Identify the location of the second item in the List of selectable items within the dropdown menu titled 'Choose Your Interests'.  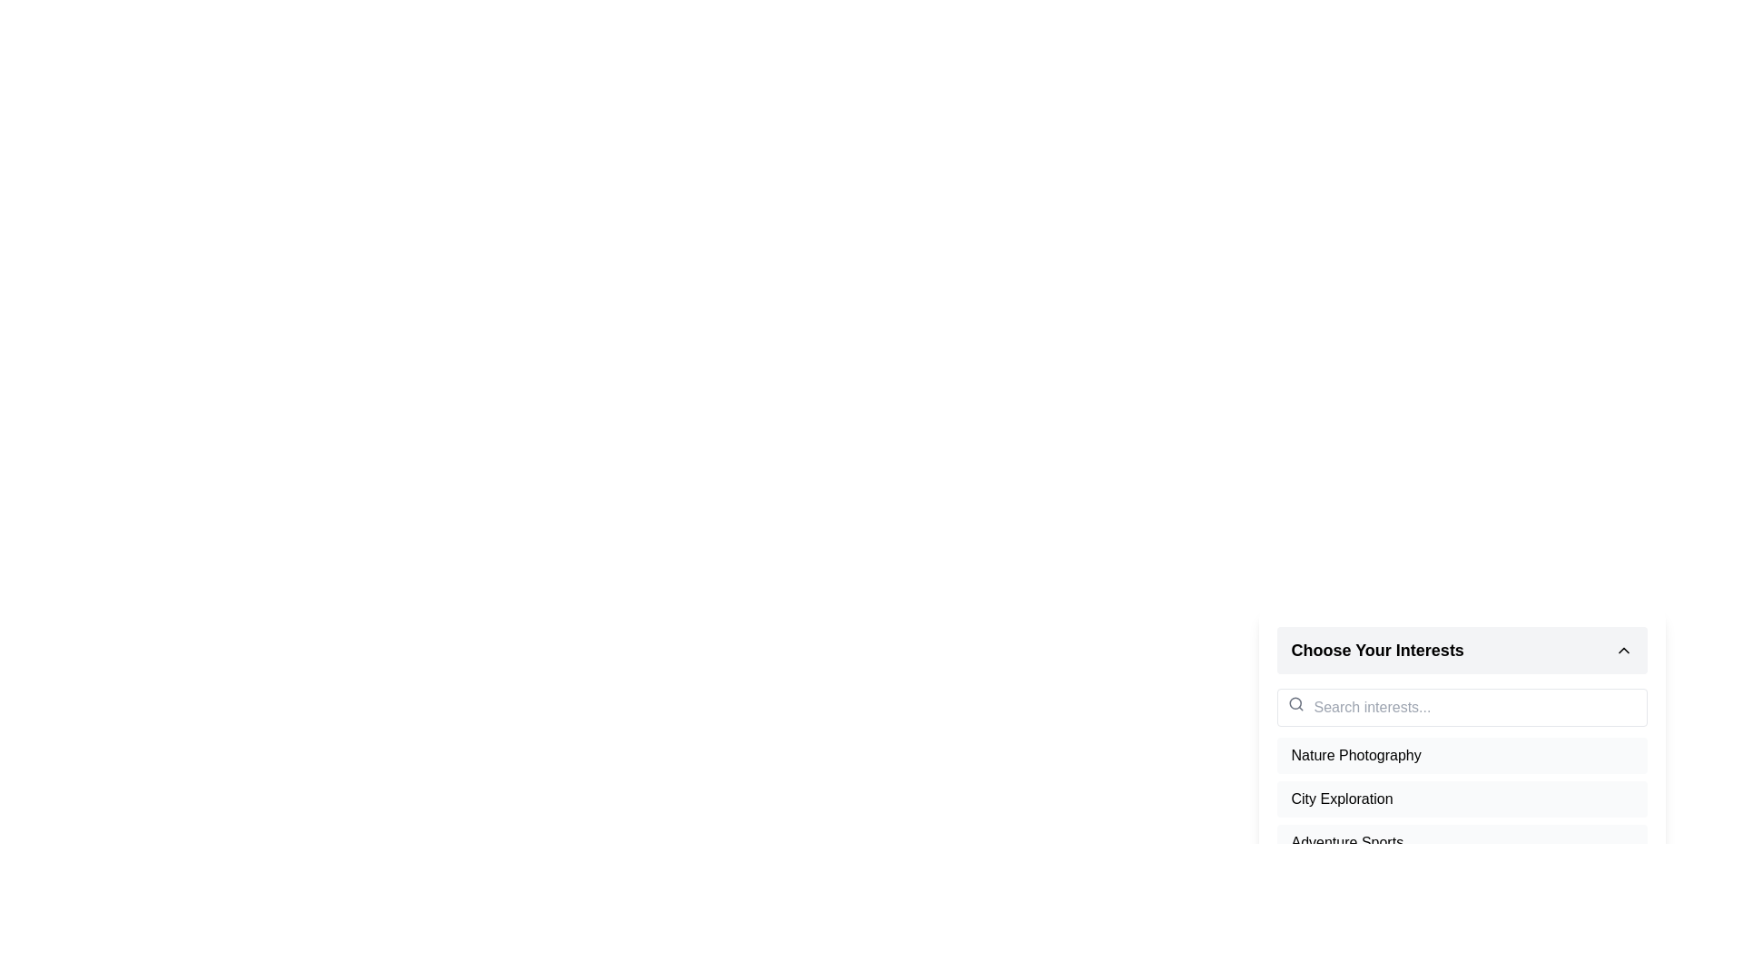
(1462, 821).